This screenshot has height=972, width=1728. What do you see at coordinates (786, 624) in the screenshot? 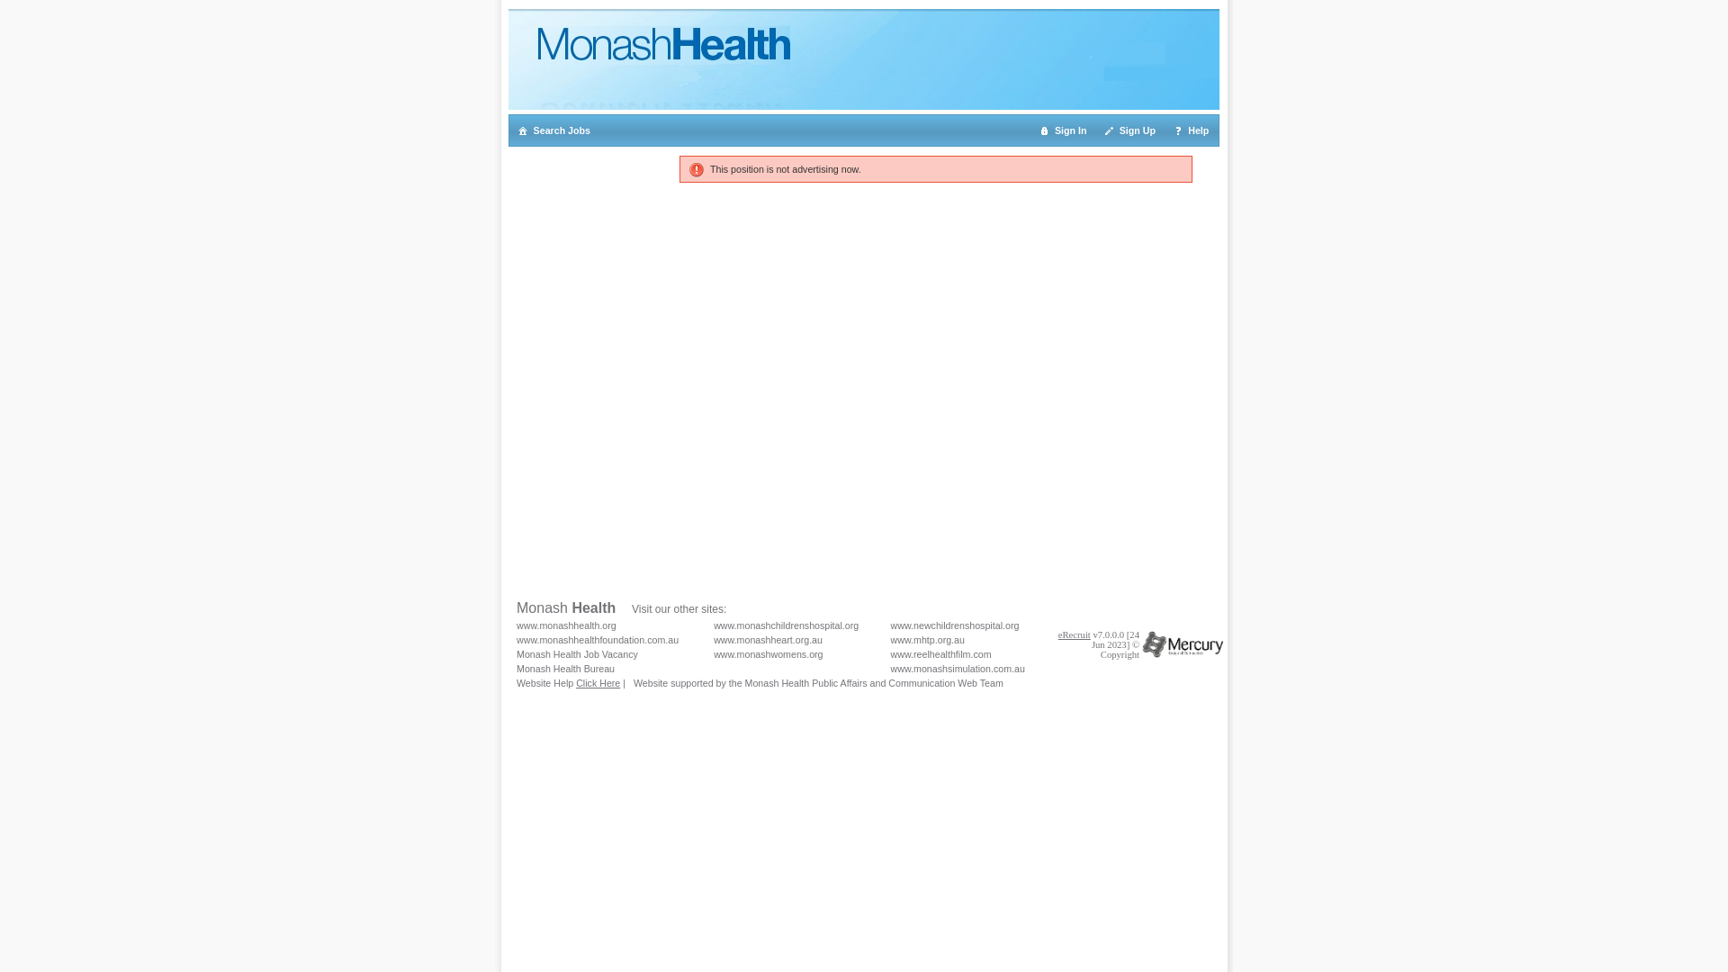
I see `'www.monashchildrenshospital.org'` at bounding box center [786, 624].